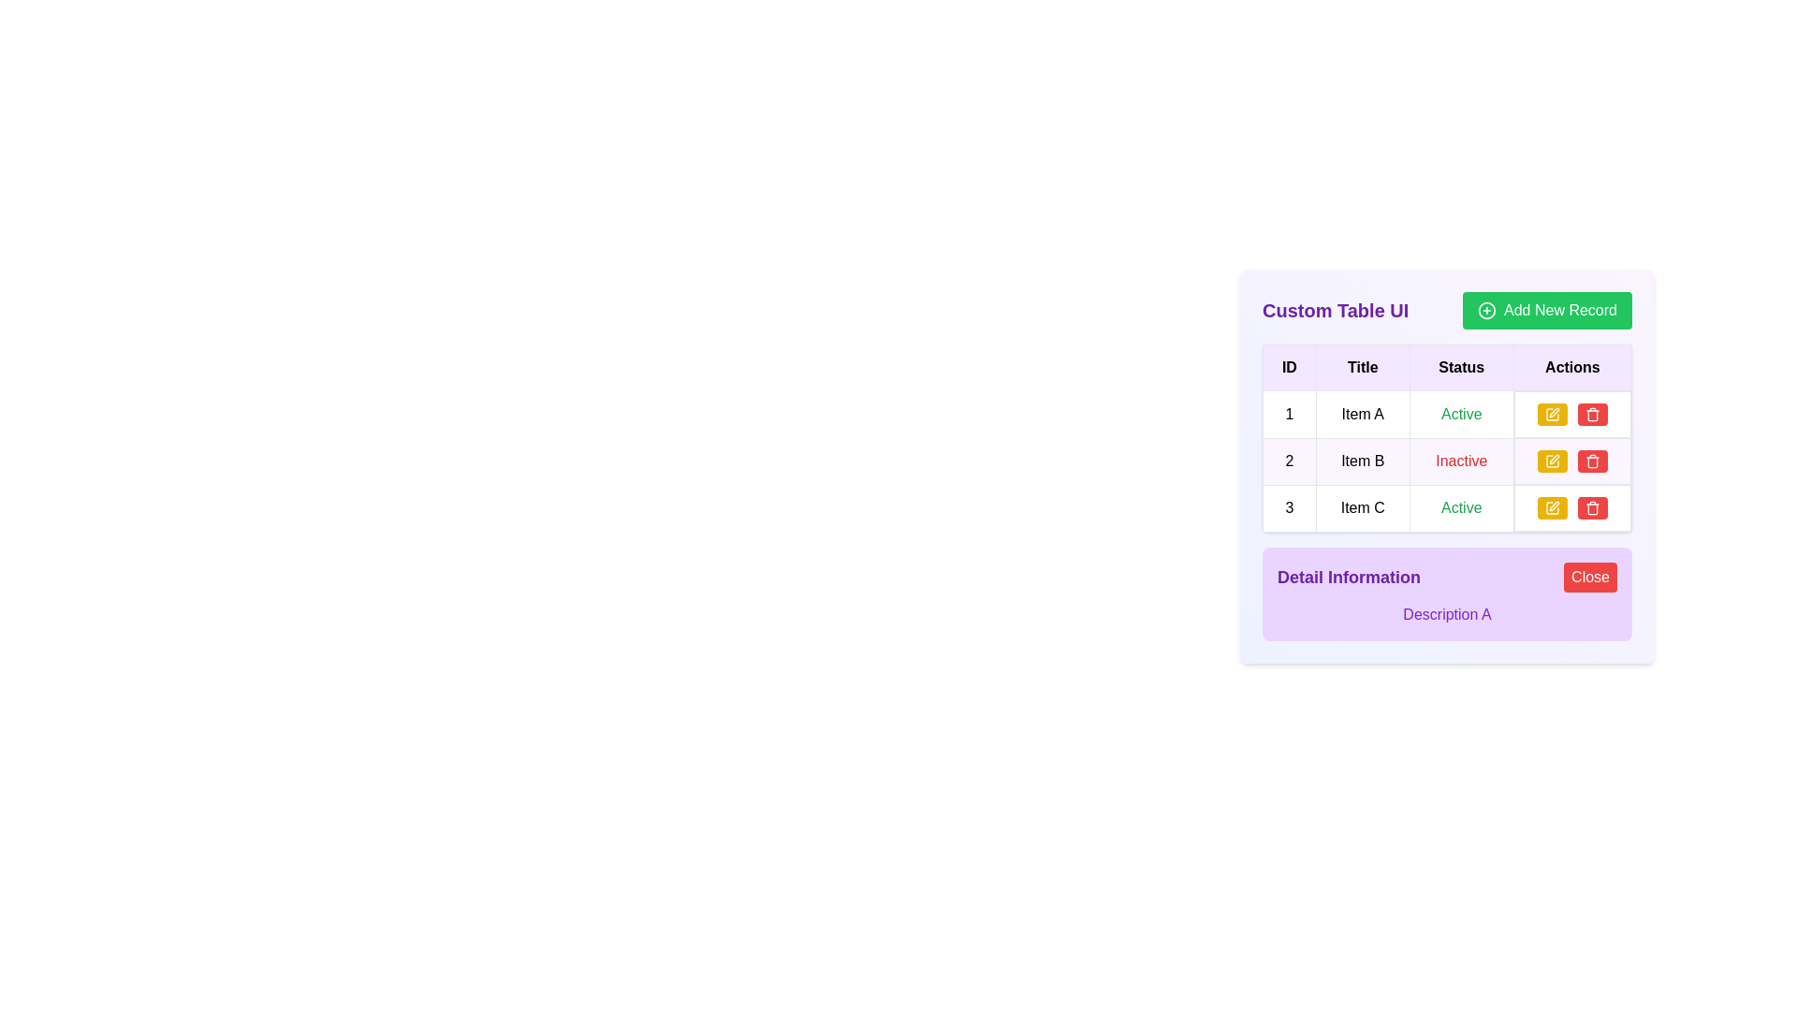 This screenshot has width=1797, height=1011. I want to click on the edit button located in the 'Actions' column of the third row of the table to initiate an edit operation, so click(1552, 508).